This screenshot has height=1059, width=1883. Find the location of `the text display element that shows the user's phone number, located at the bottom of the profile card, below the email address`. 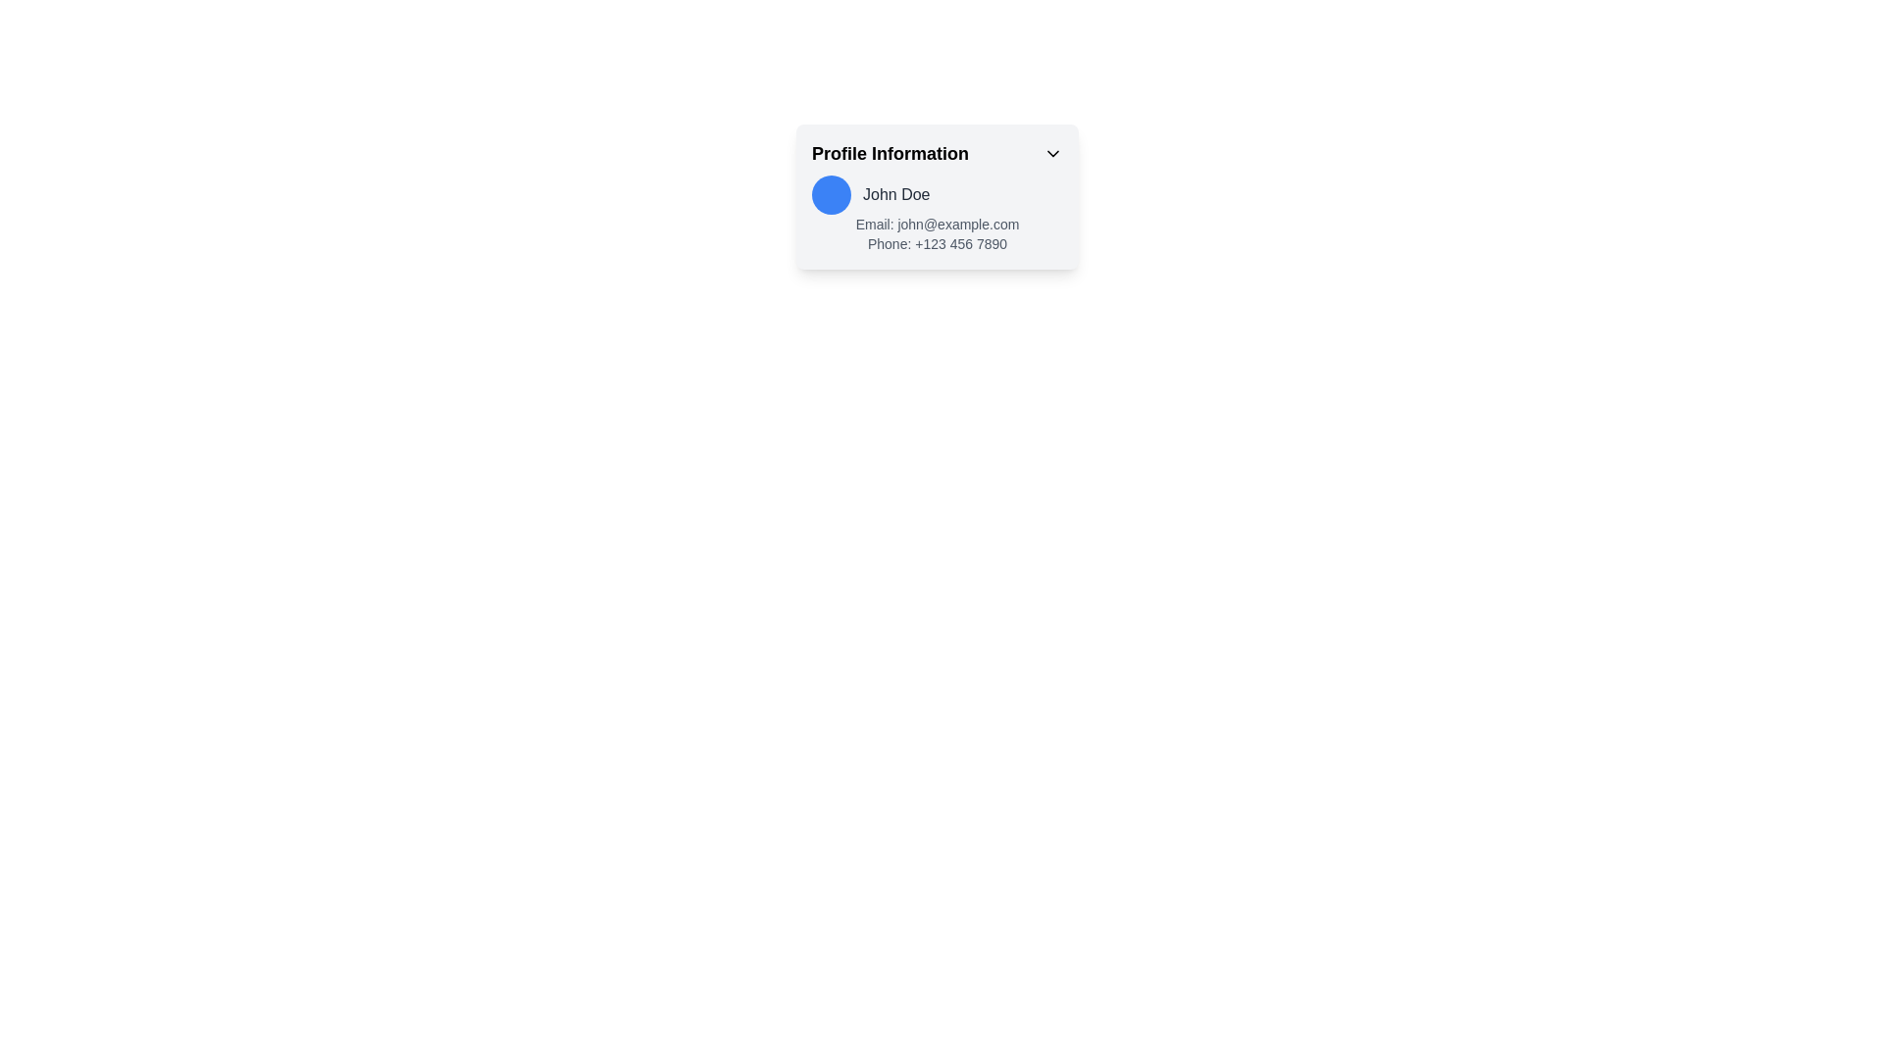

the text display element that shows the user's phone number, located at the bottom of the profile card, below the email address is located at coordinates (936, 243).